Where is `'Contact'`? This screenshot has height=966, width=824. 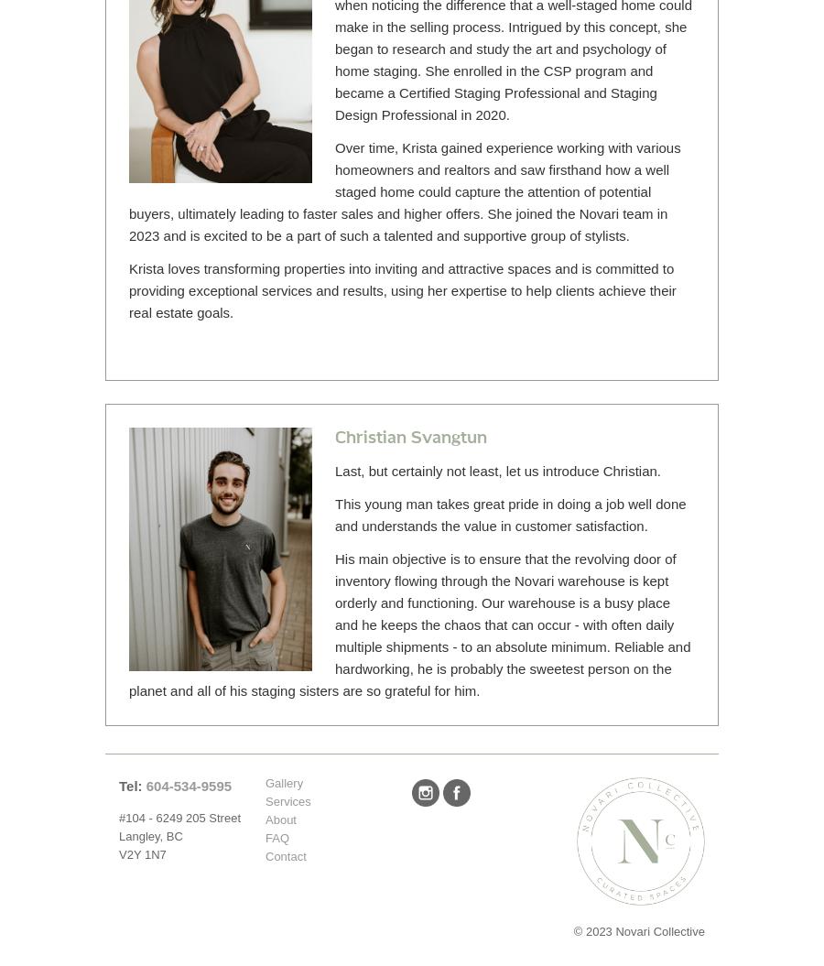
'Contact' is located at coordinates (285, 855).